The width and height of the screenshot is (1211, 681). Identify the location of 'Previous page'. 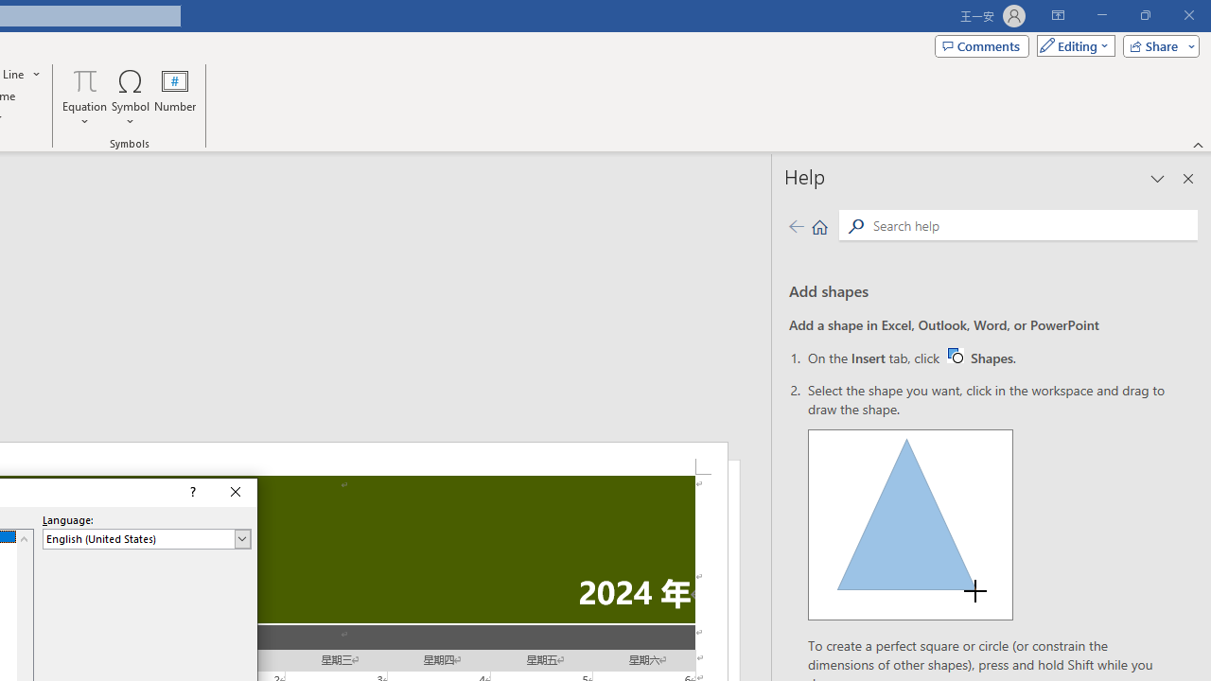
(796, 225).